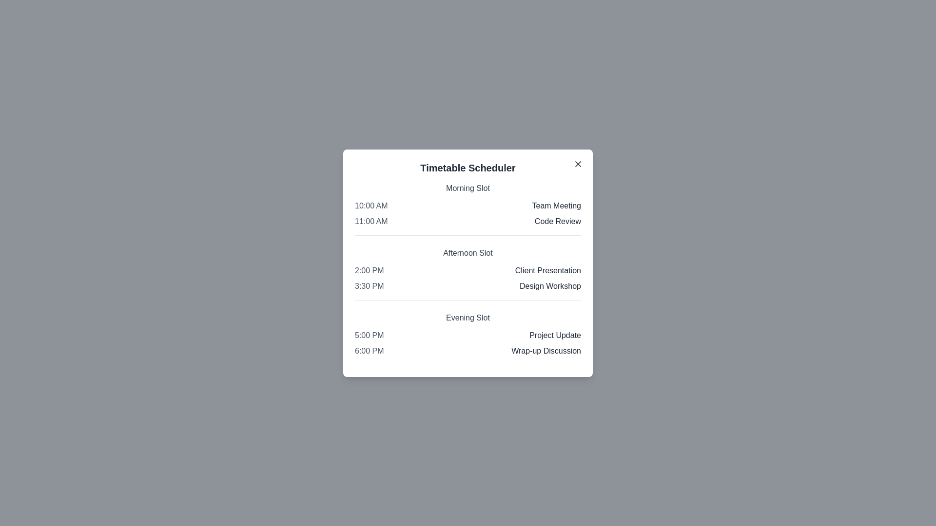 This screenshot has height=526, width=936. I want to click on the slot title Afternoon Slot to highlight it, so click(468, 252).